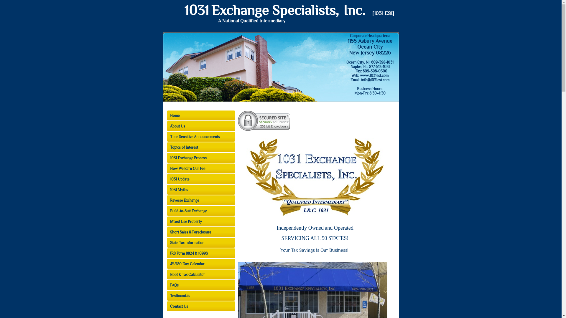 Image resolution: width=566 pixels, height=318 pixels. Describe the element at coordinates (201, 179) in the screenshot. I see `'1031 Update'` at that location.